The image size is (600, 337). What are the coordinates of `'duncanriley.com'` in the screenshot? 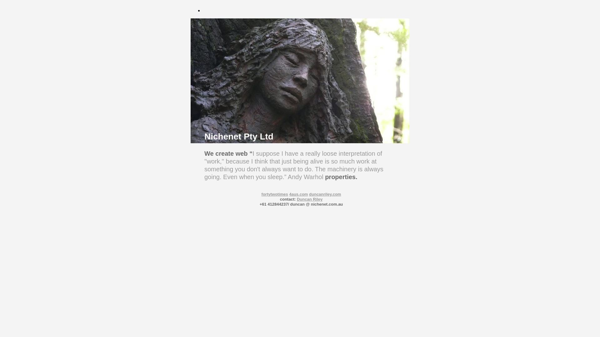 It's located at (325, 194).